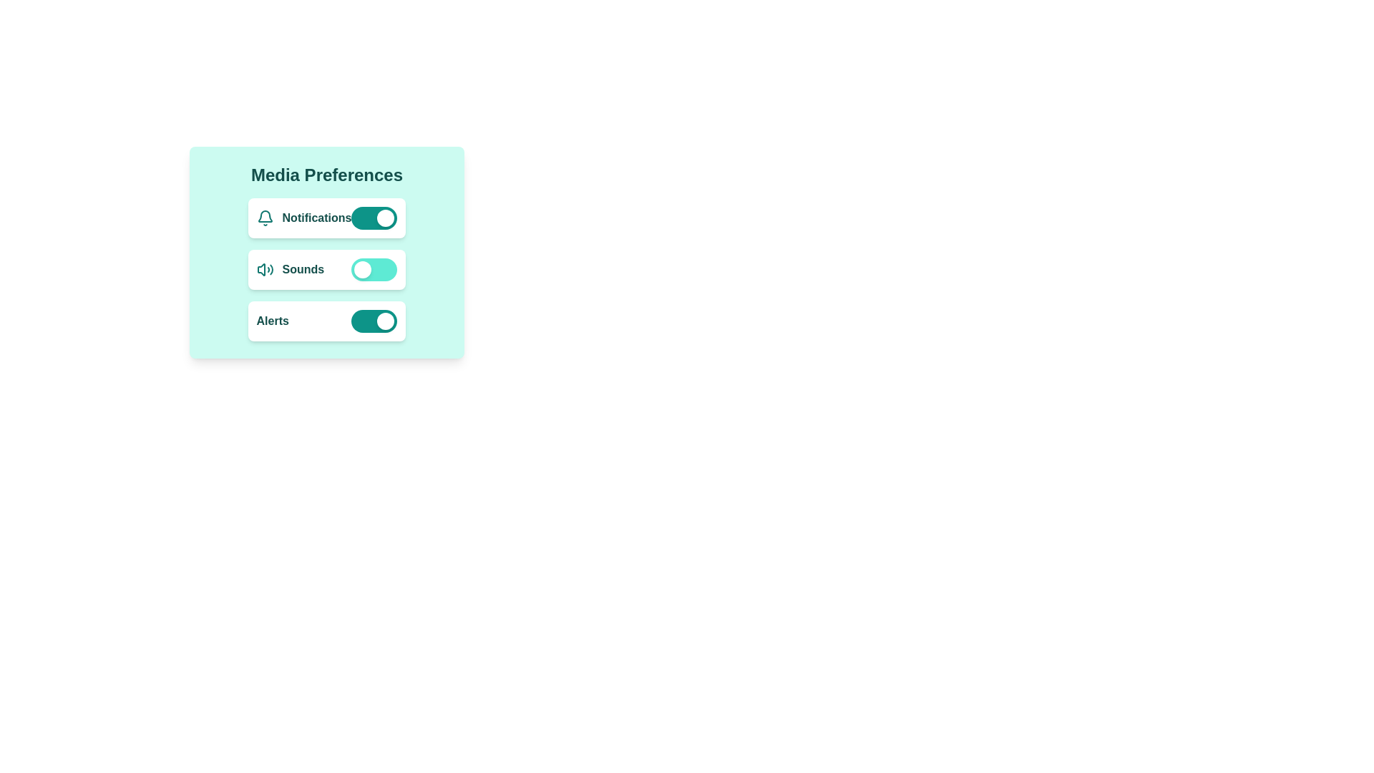  Describe the element at coordinates (374, 270) in the screenshot. I see `the toggle switch for the 'Sounds' media preference, which is a horizontal toggle switch styled with a teal background and a white circular handle on the left` at that location.